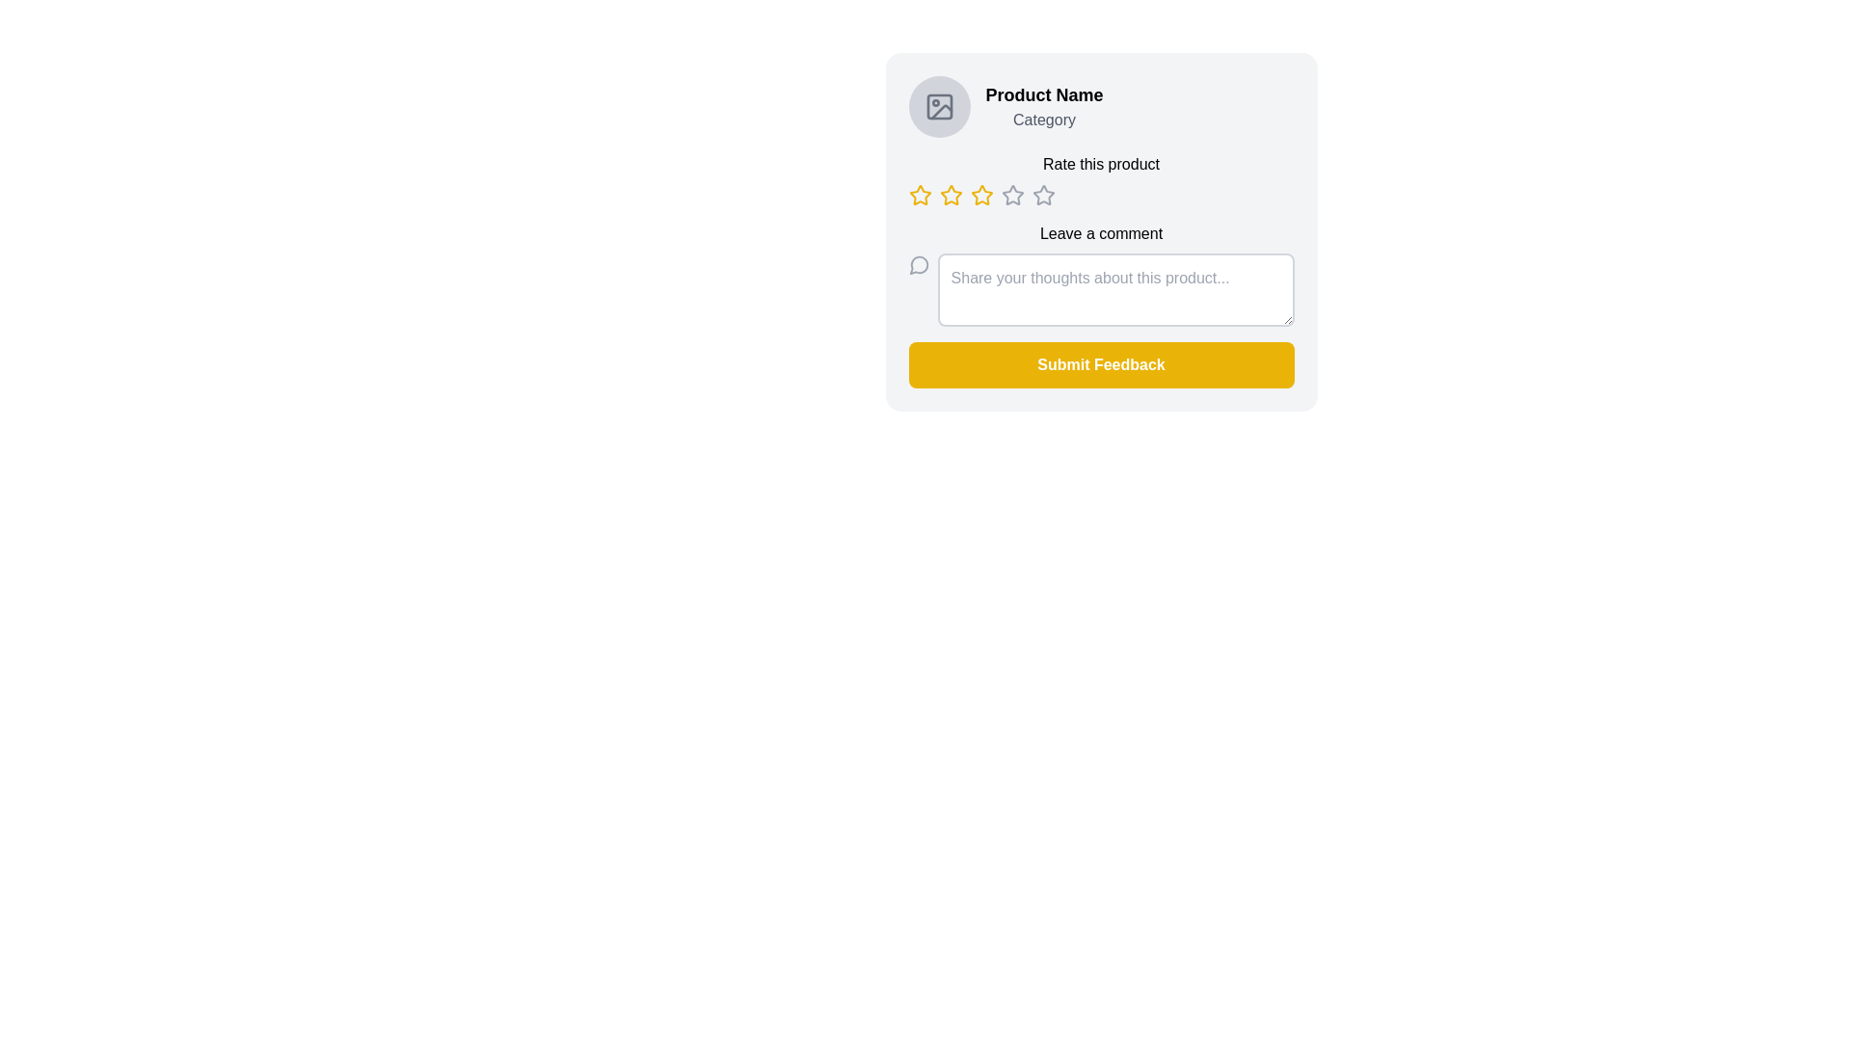 Image resolution: width=1851 pixels, height=1041 pixels. What do you see at coordinates (951, 196) in the screenshot?
I see `the second star icon in the rating component, which is outlined in yellow and is part of a series of five stars under the 'Rate this product' text` at bounding box center [951, 196].